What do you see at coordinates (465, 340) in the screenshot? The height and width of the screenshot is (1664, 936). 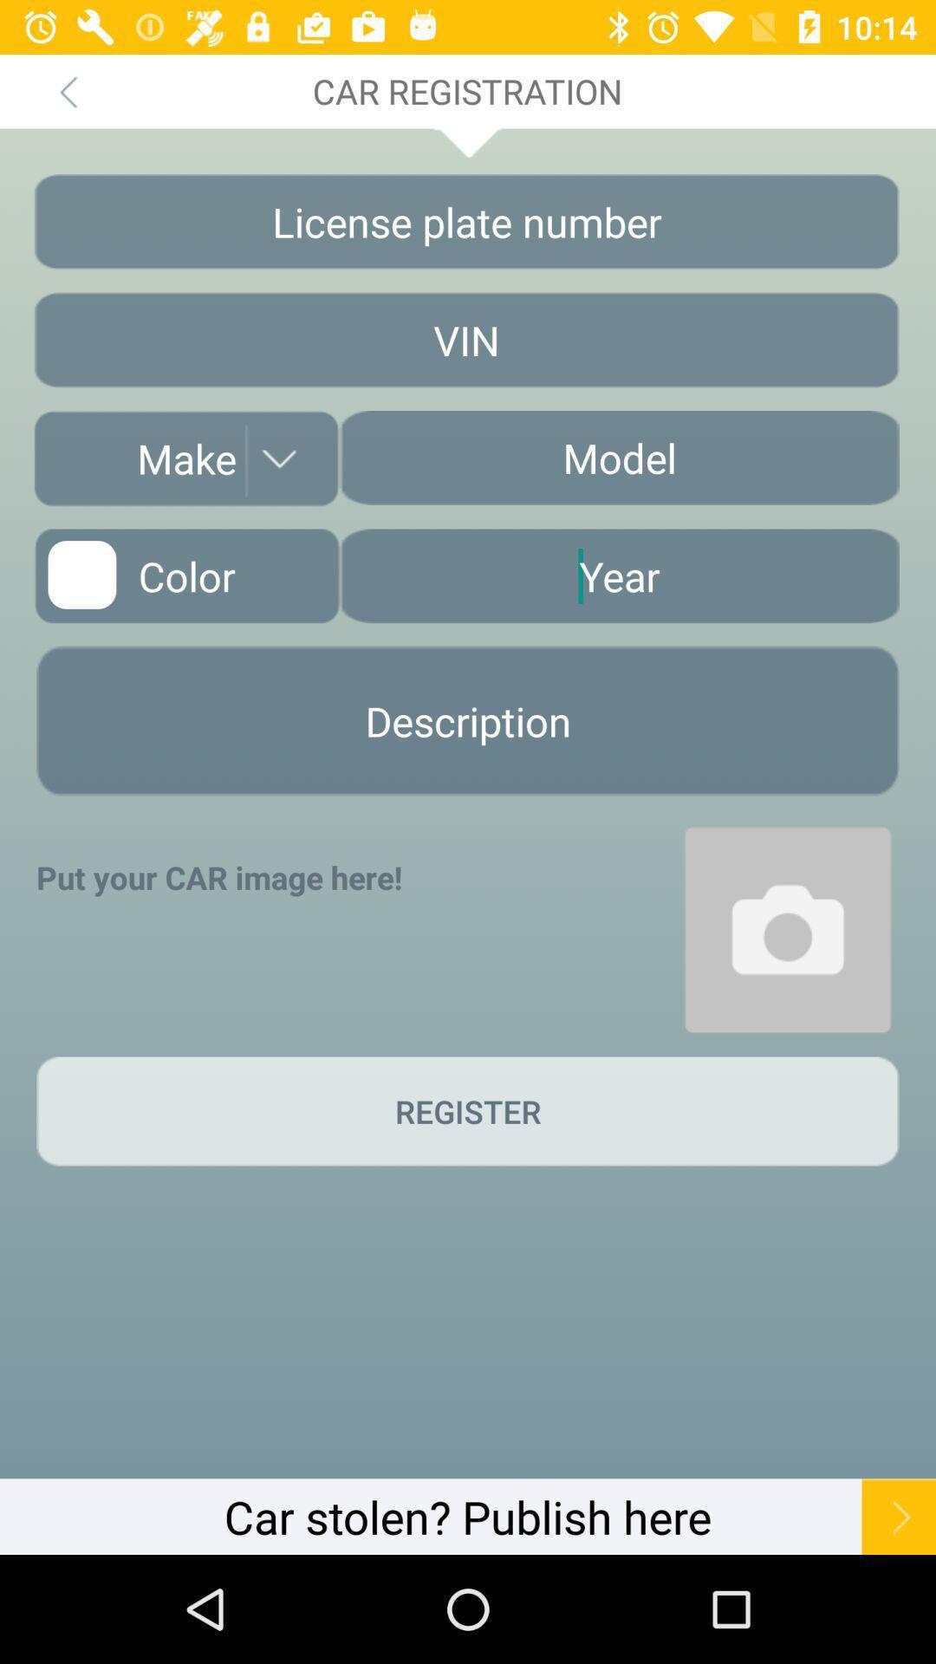 I see `vin` at bounding box center [465, 340].